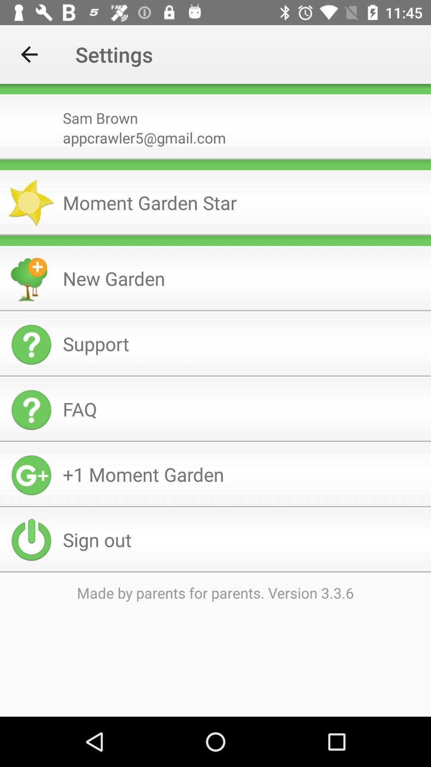  Describe the element at coordinates (243, 278) in the screenshot. I see `new garden icon` at that location.